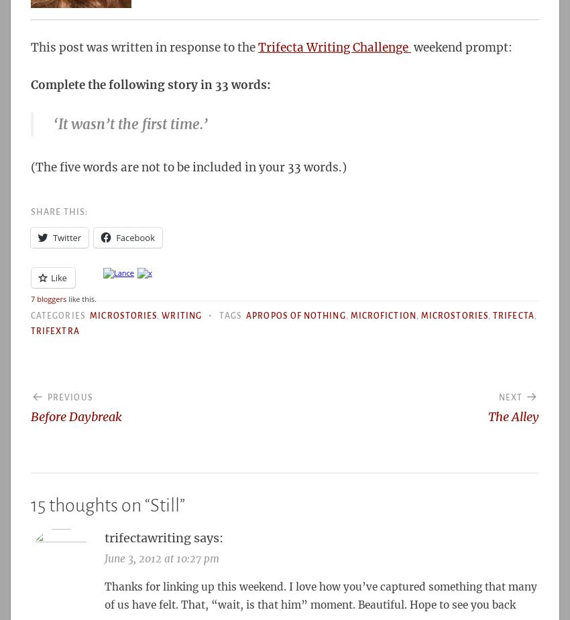 Image resolution: width=570 pixels, height=620 pixels. What do you see at coordinates (510, 397) in the screenshot?
I see `'Next'` at bounding box center [510, 397].